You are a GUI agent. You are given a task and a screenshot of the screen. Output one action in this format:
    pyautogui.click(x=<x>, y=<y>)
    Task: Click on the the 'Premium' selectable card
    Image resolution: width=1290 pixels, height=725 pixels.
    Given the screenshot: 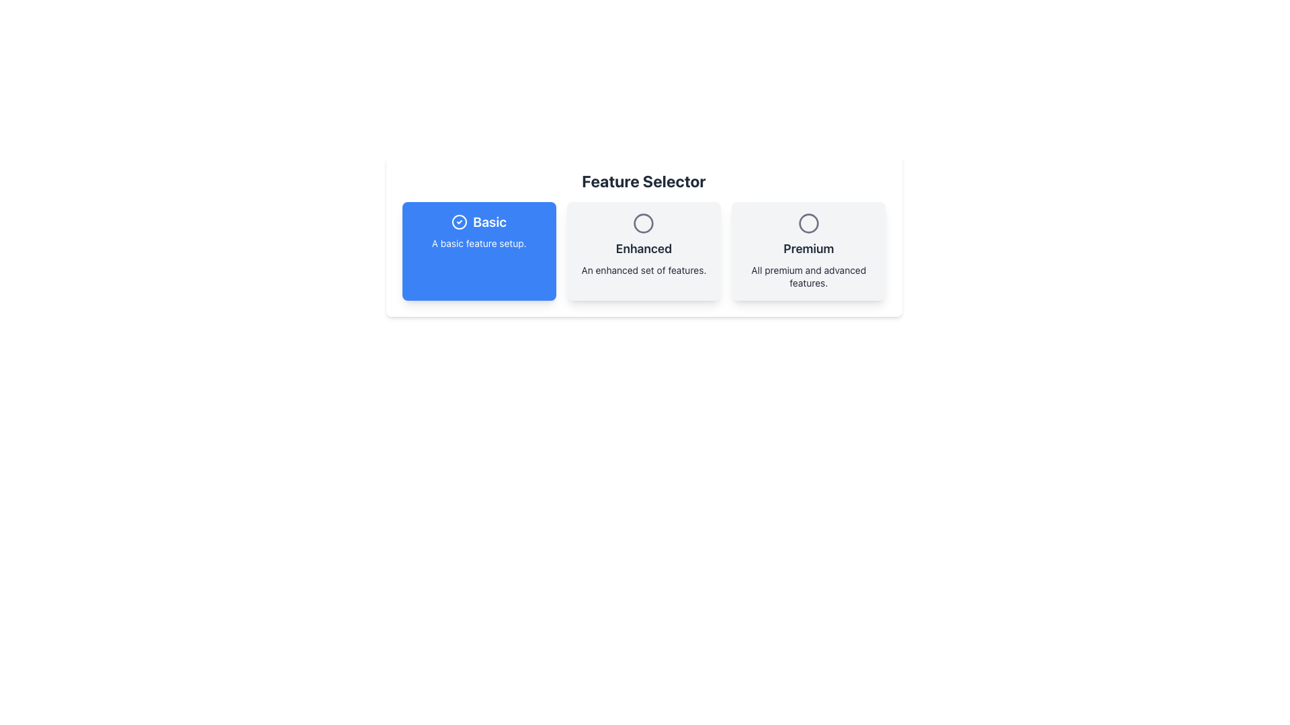 What is the action you would take?
    pyautogui.click(x=808, y=251)
    